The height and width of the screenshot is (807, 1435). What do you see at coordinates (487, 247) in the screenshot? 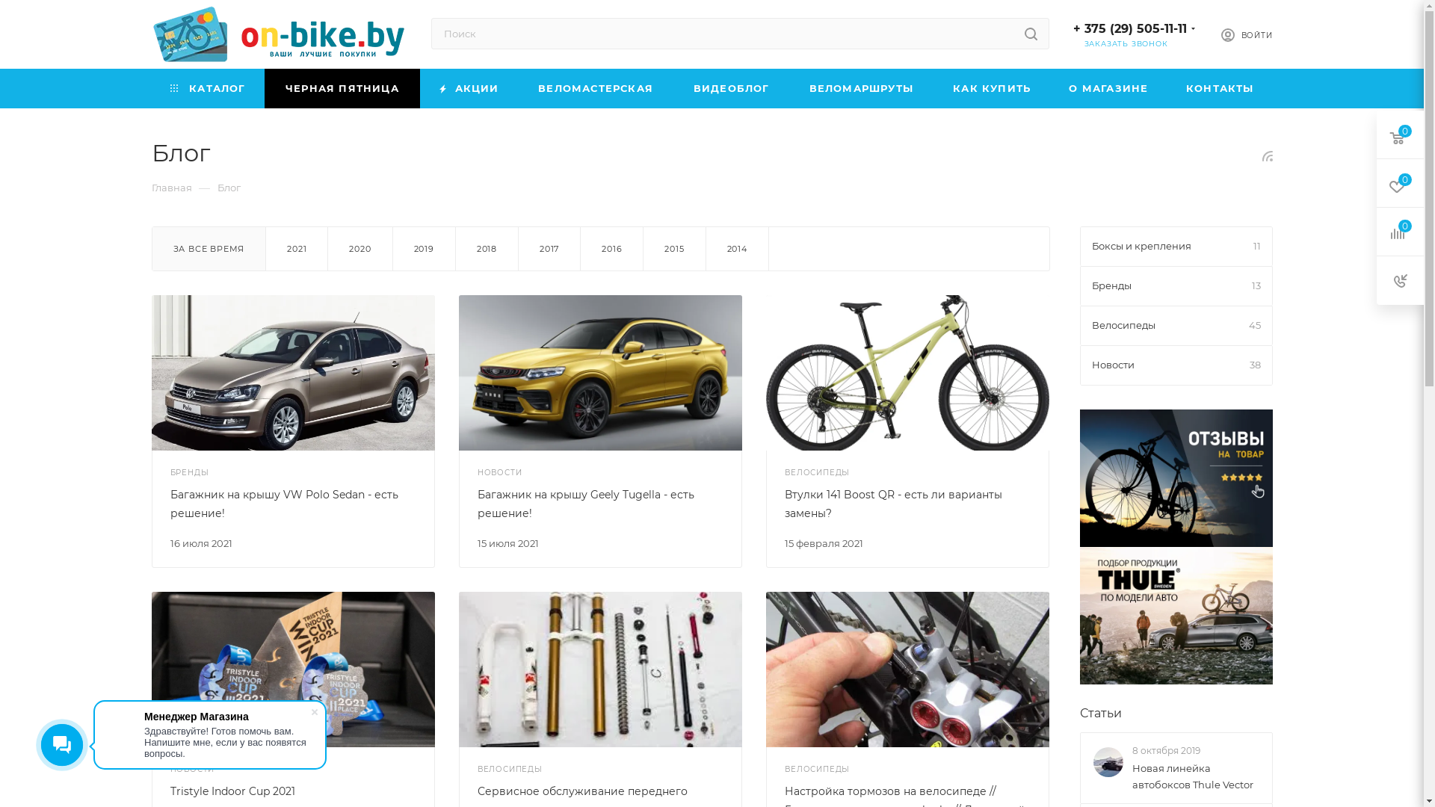
I see `'2018'` at bounding box center [487, 247].